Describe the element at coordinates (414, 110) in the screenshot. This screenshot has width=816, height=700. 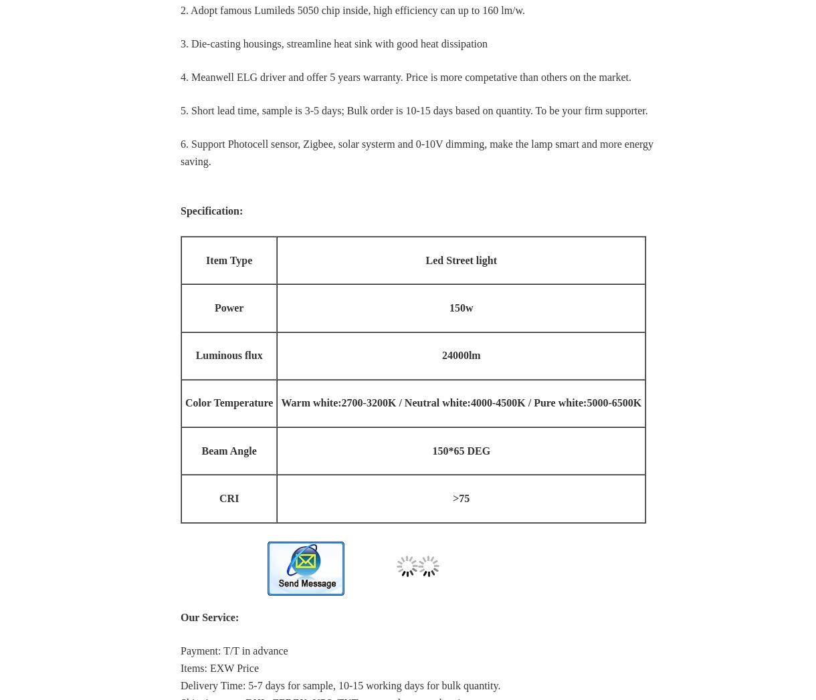
I see `'5. Short lead time, sample is 3-5 days; Bulk order is 10-15 days based on quantity. To be your firm supporter.'` at that location.